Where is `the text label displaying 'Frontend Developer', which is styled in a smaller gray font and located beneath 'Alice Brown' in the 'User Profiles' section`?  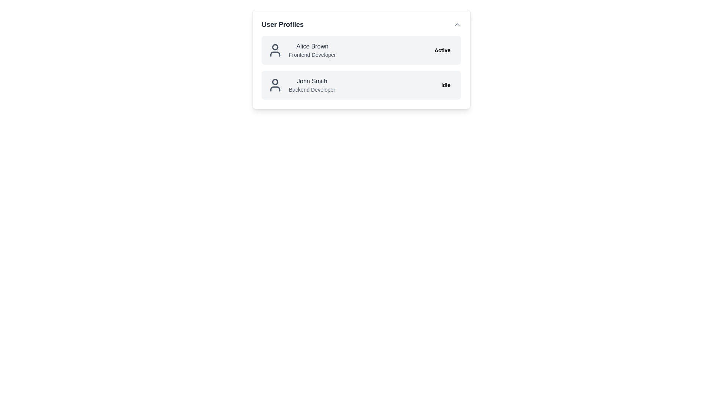 the text label displaying 'Frontend Developer', which is styled in a smaller gray font and located beneath 'Alice Brown' in the 'User Profiles' section is located at coordinates (312, 55).